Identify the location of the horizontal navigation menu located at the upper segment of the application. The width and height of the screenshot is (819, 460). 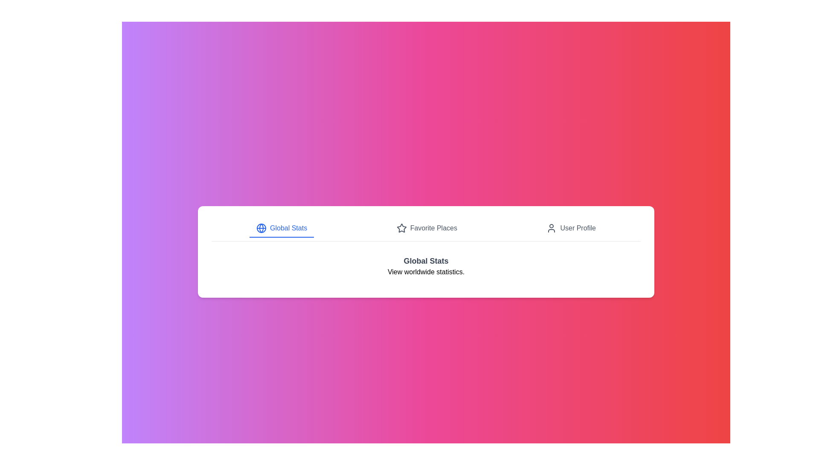
(426, 230).